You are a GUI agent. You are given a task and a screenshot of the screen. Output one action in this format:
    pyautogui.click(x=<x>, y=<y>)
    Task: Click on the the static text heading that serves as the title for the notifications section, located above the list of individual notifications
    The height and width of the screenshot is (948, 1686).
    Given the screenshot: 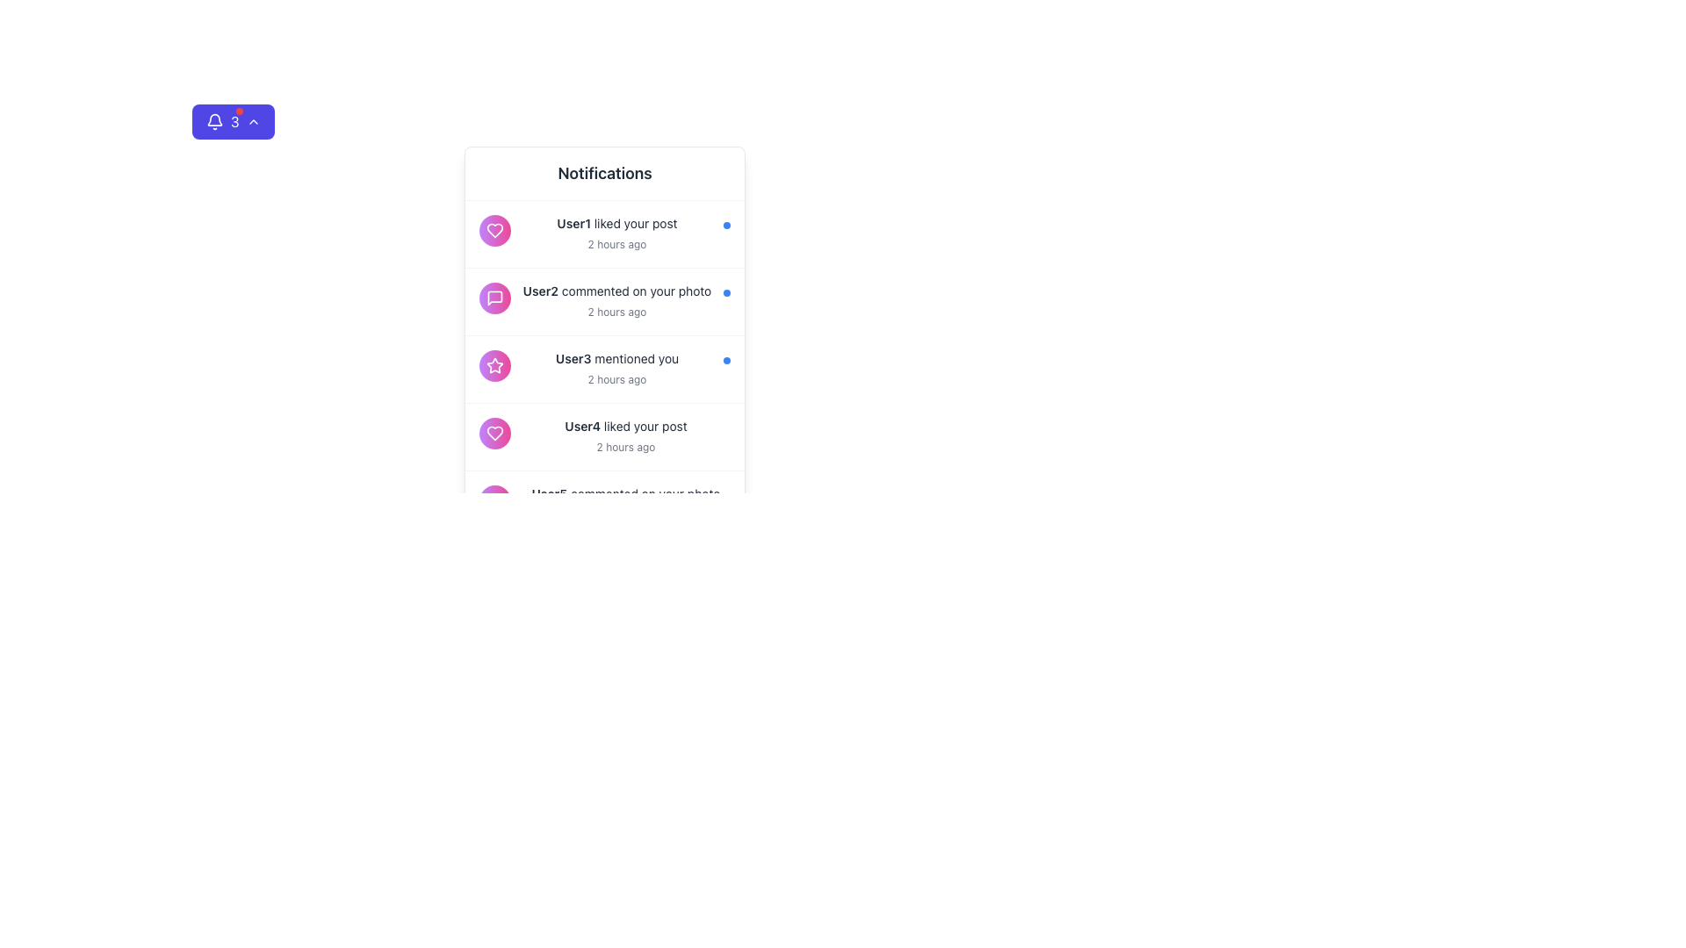 What is the action you would take?
    pyautogui.click(x=605, y=173)
    